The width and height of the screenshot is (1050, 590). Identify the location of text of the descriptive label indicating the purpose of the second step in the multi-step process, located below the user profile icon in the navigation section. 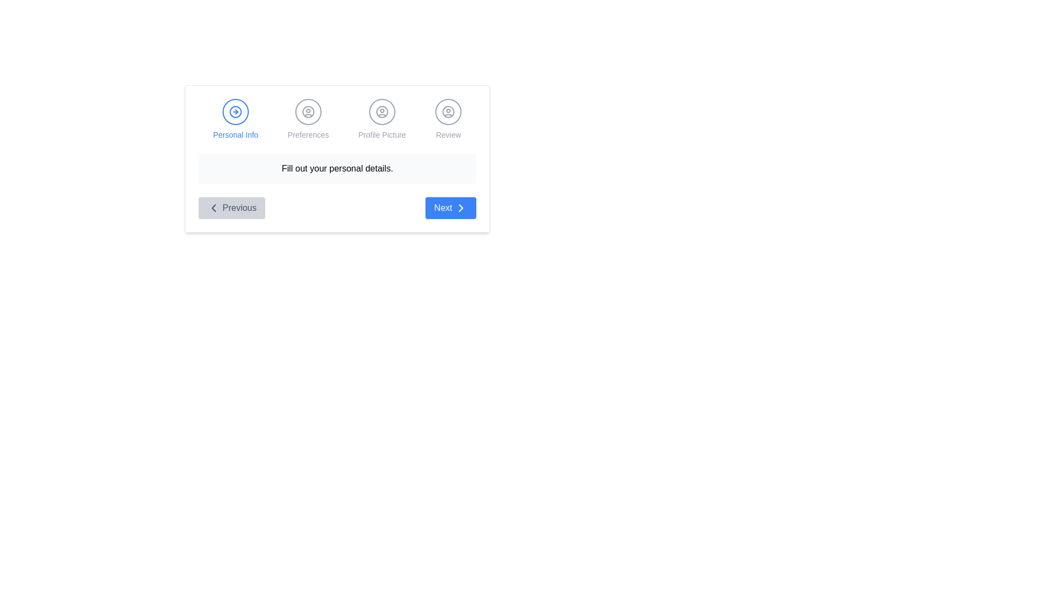
(307, 134).